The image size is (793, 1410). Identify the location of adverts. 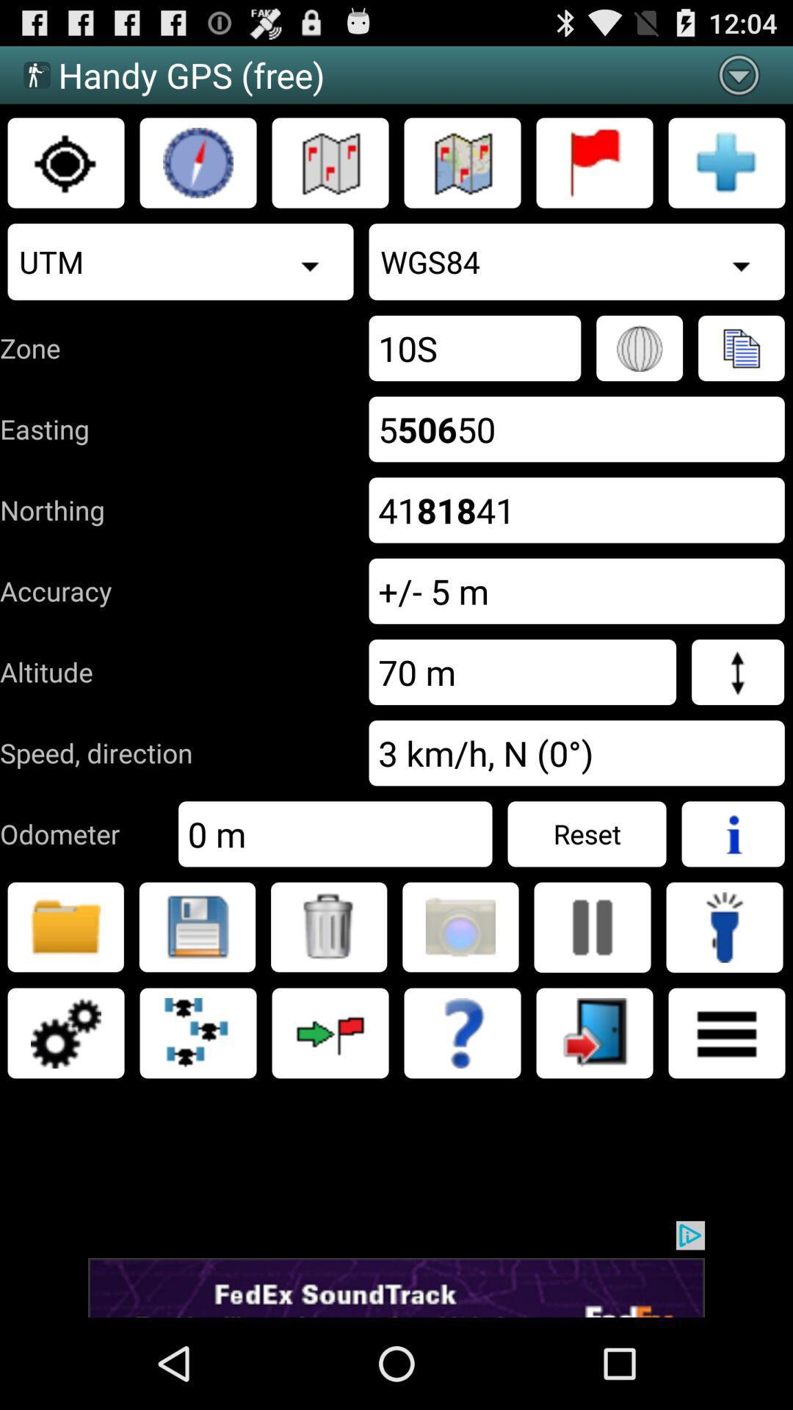
(396, 1268).